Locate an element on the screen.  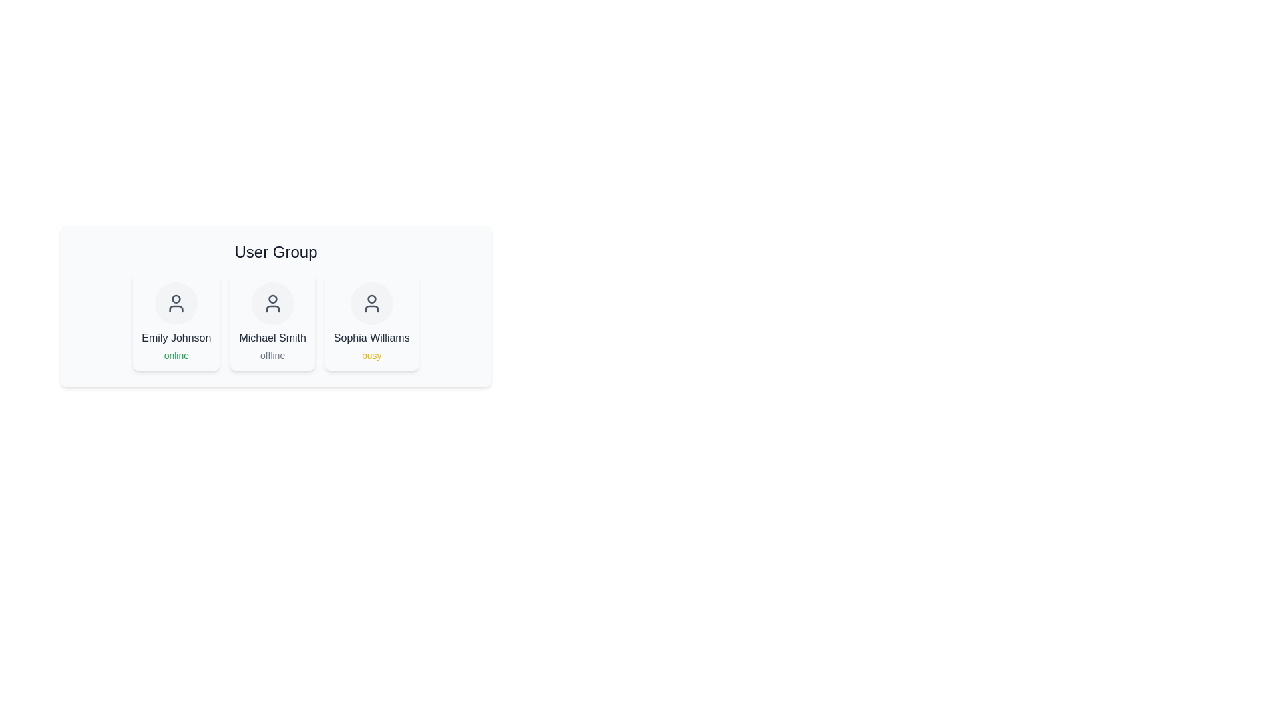
the 'online' status label displayed in green below the name 'Emily Johnson' in the profile section is located at coordinates (176, 354).